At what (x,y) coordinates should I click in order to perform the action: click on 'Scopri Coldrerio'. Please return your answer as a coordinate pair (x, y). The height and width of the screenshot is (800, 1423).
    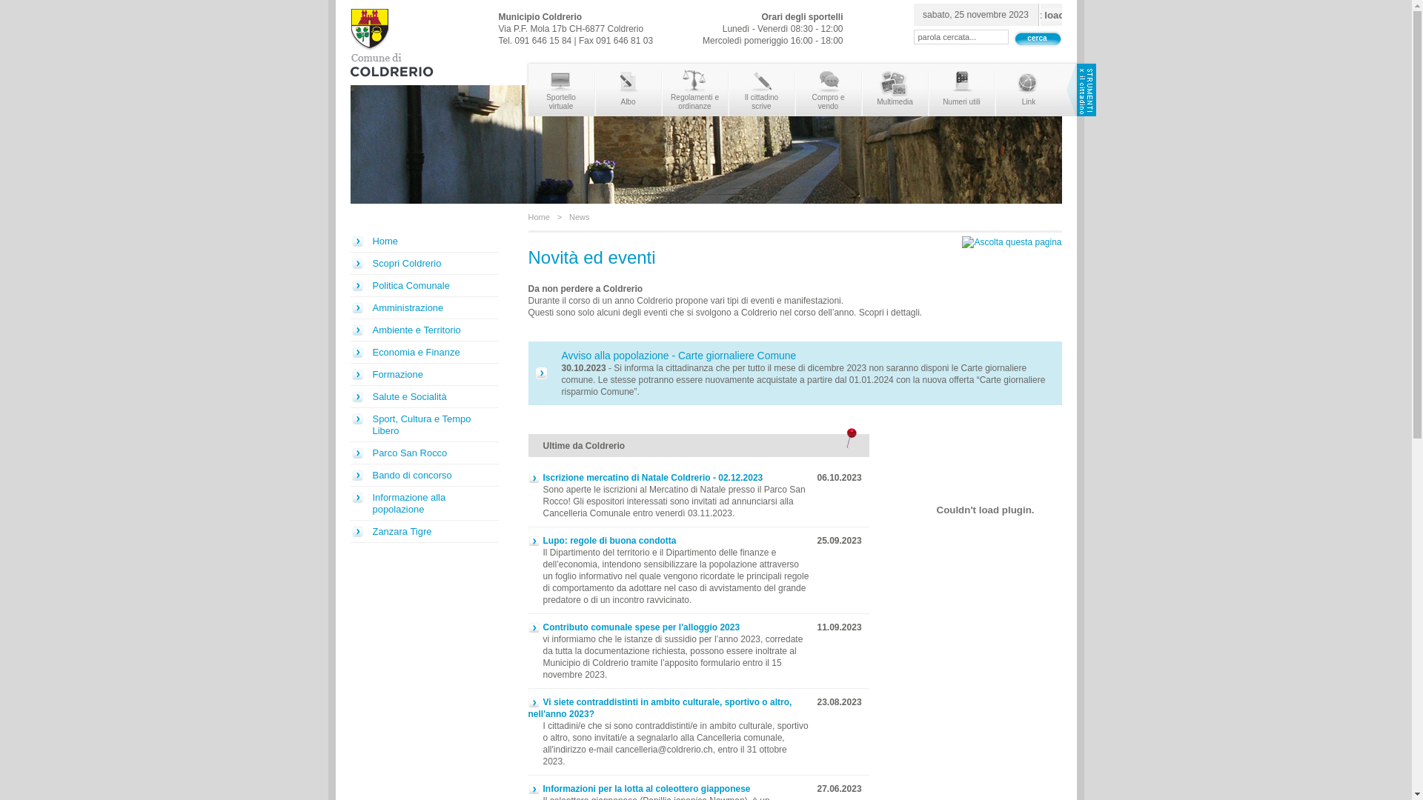
    Looking at the image, I should click on (422, 262).